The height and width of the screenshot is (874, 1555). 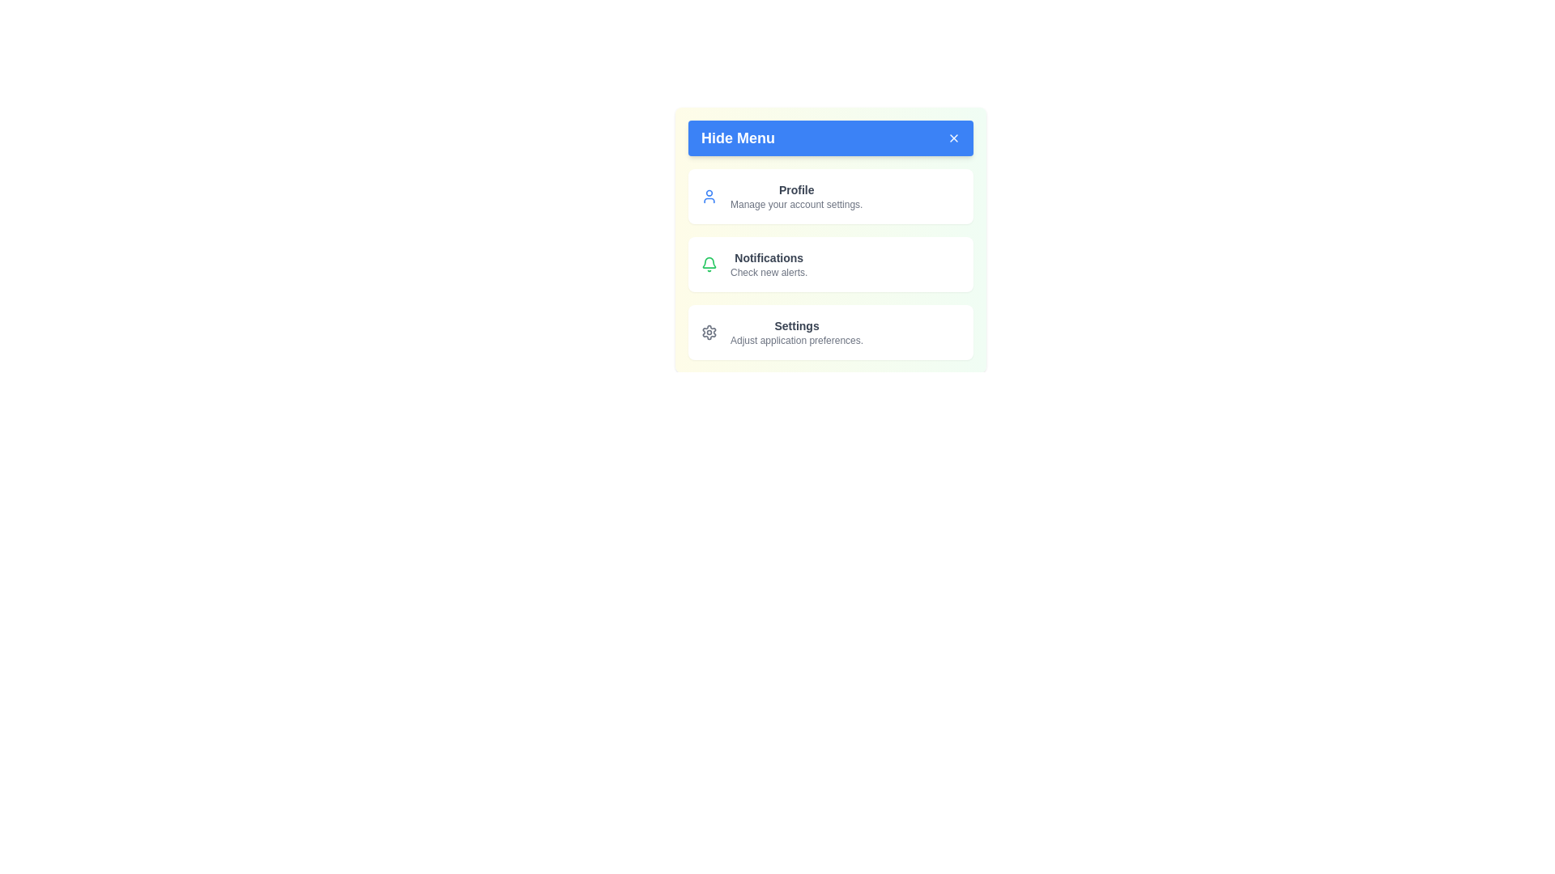 I want to click on the menu item Profile from the menu, so click(x=831, y=196).